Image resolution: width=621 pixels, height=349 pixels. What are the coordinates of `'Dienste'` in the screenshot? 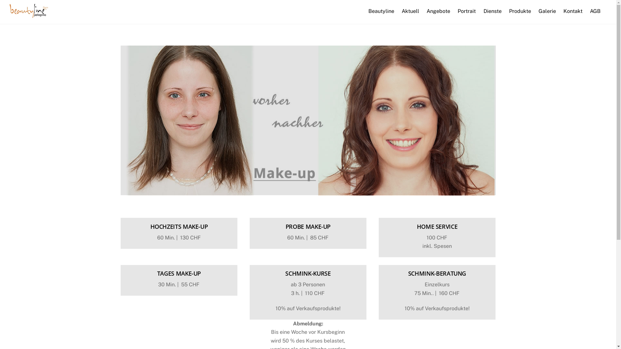 It's located at (492, 11).